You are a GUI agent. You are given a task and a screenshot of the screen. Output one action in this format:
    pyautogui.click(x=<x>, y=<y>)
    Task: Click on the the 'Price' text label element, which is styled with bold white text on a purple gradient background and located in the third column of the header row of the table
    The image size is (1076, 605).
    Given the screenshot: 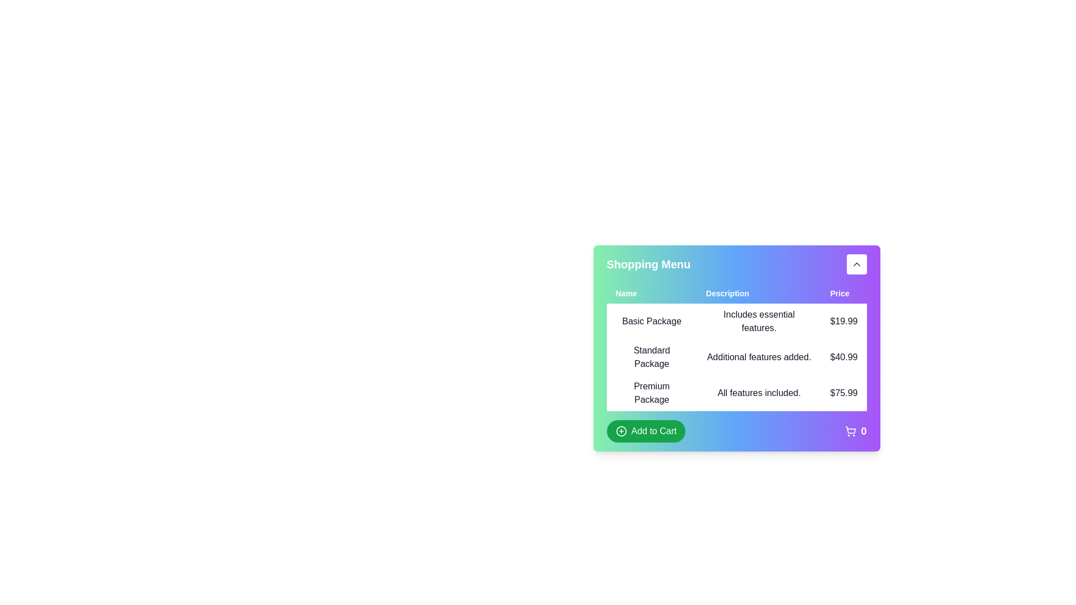 What is the action you would take?
    pyautogui.click(x=844, y=293)
    